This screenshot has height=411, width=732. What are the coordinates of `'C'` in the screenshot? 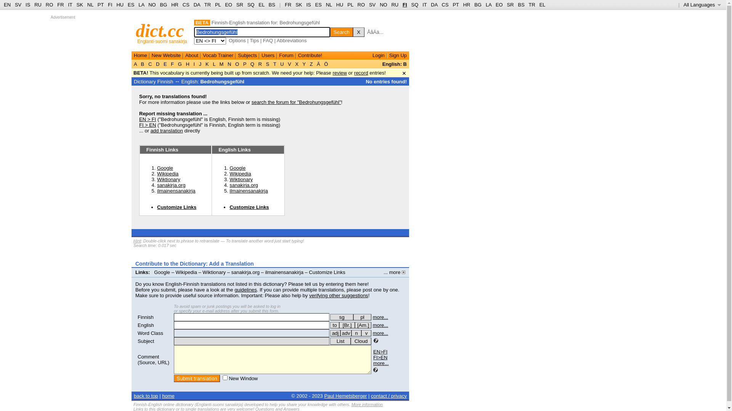 It's located at (150, 64).